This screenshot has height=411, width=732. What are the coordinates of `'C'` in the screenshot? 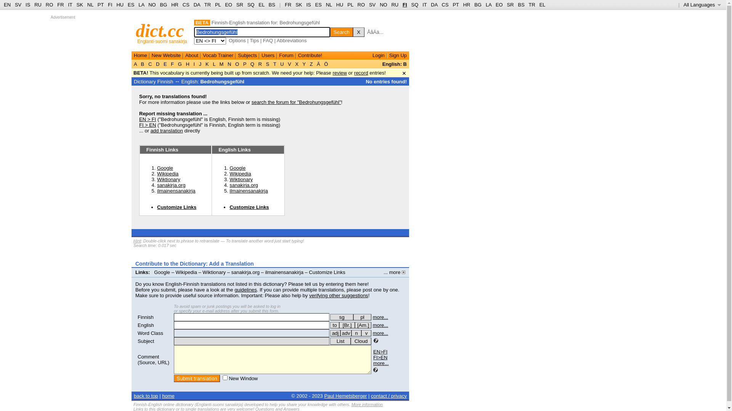 It's located at (150, 64).